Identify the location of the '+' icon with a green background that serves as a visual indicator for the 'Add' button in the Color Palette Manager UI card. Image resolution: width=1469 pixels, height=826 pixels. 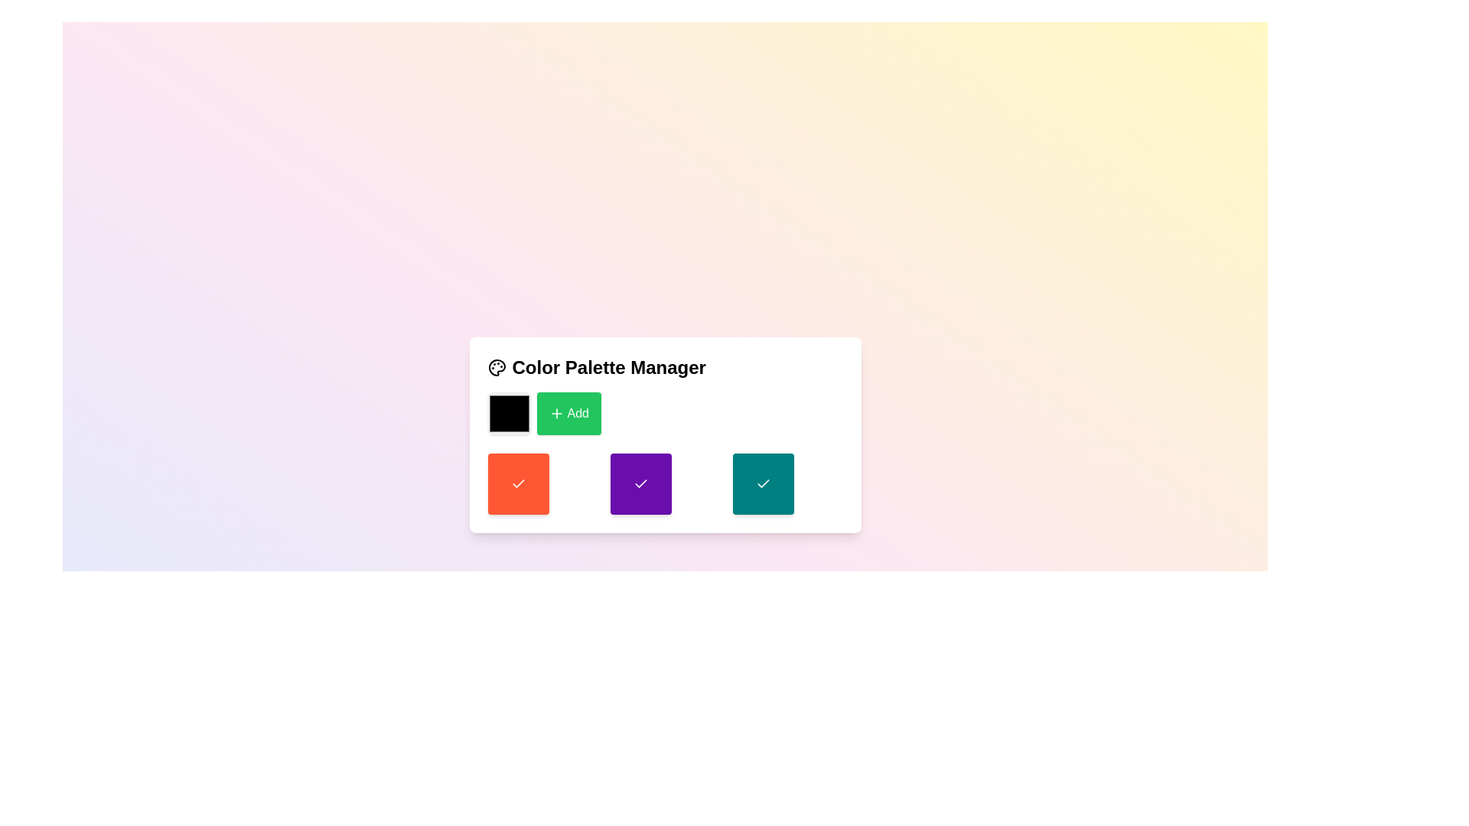
(555, 413).